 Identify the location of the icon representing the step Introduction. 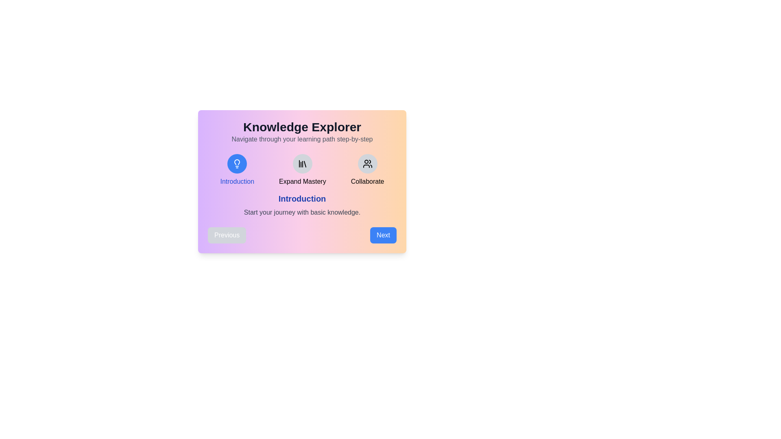
(237, 163).